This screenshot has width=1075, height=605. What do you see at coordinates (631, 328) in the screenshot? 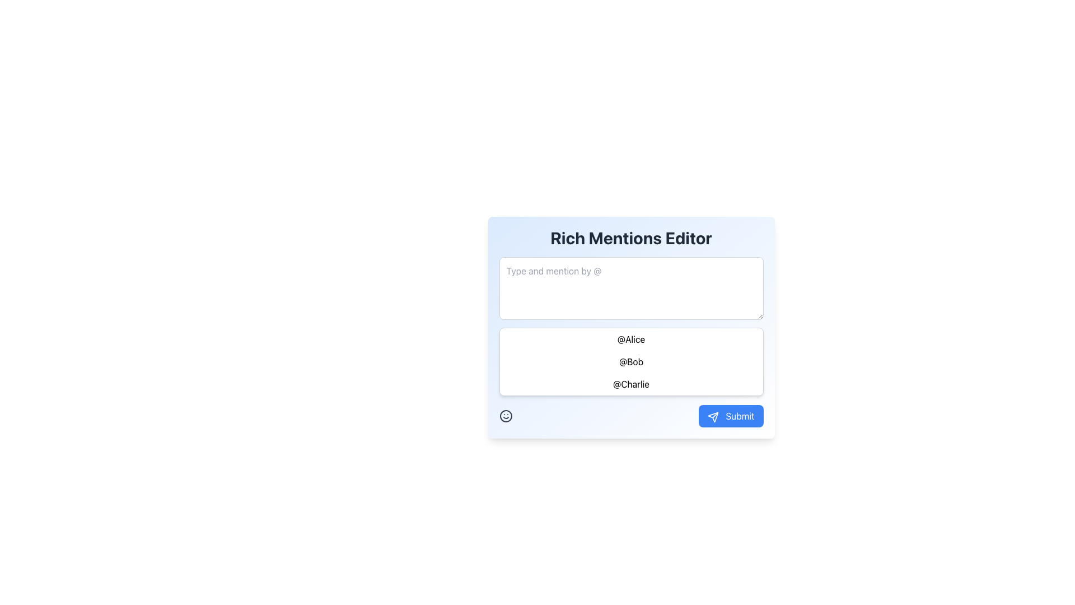
I see `the mention '@Alice' in the rich mentions editor UI component` at bounding box center [631, 328].